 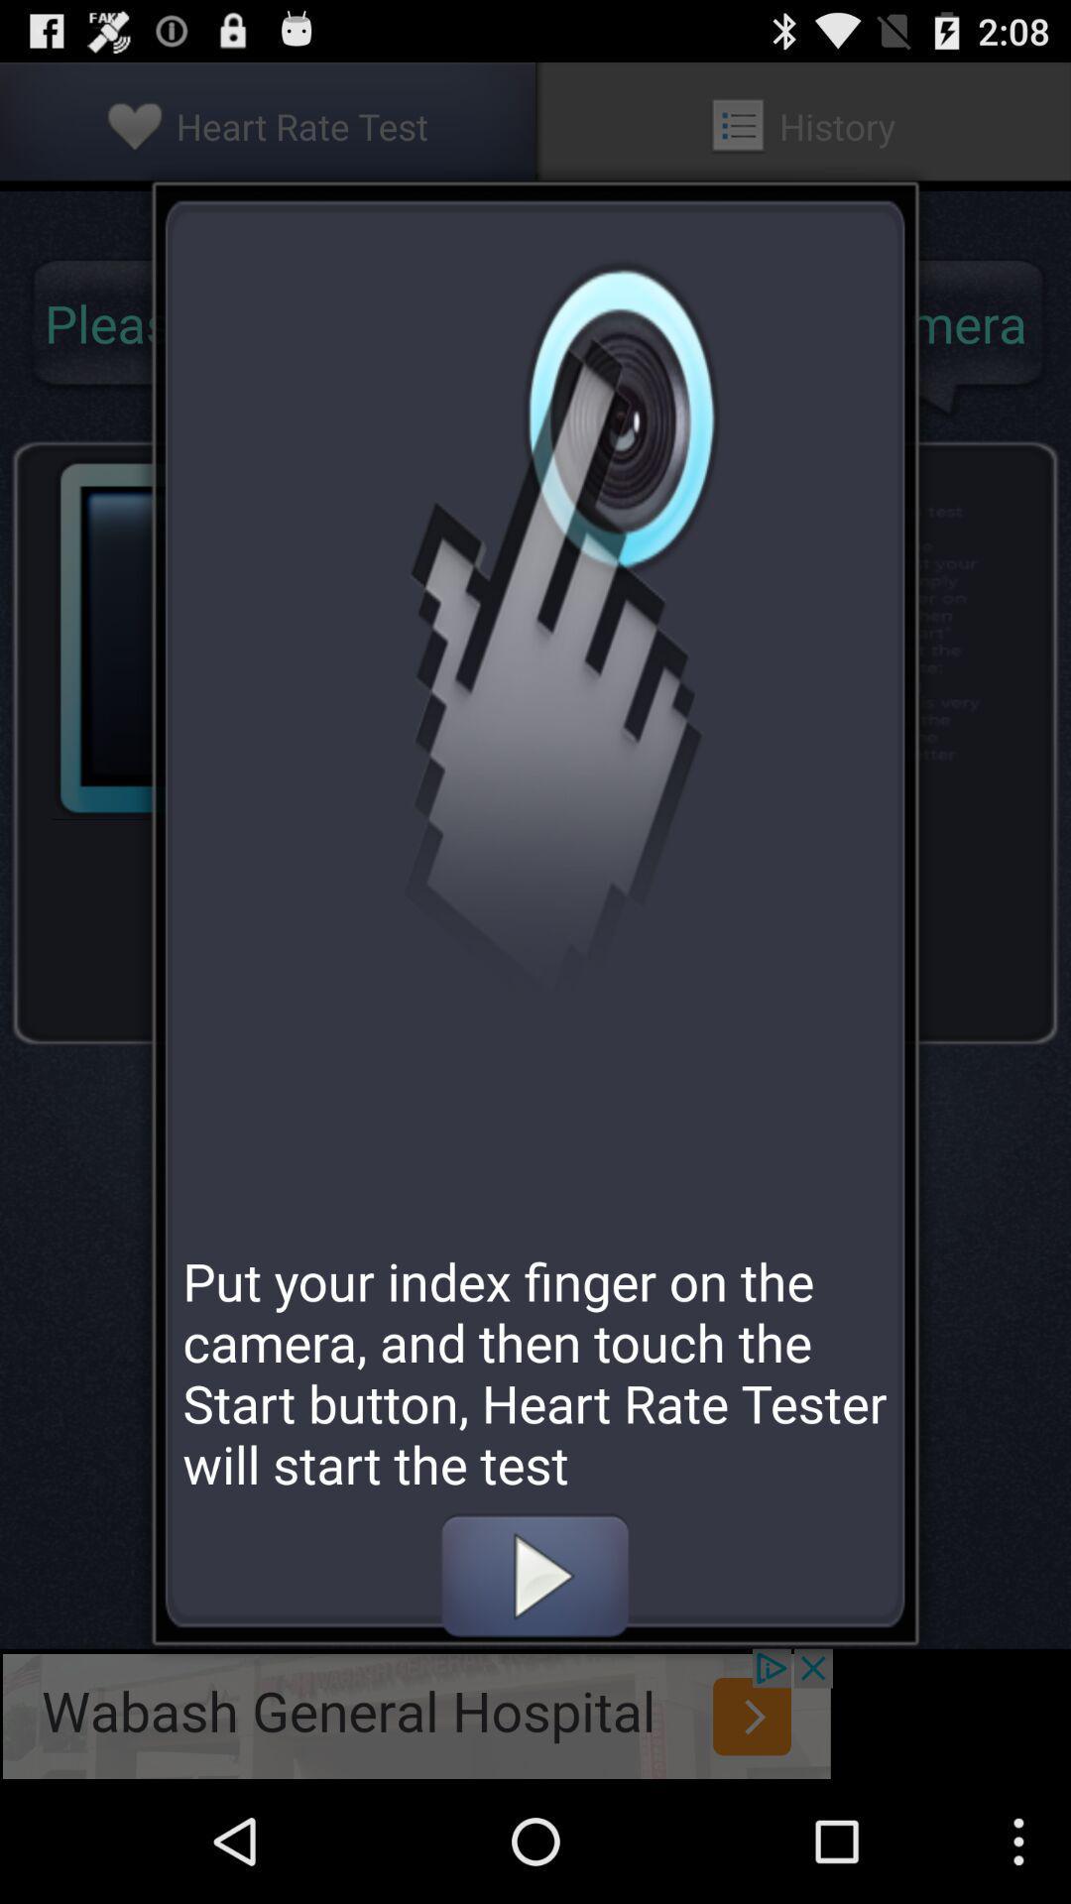 I want to click on camera play button, so click(x=534, y=1575).